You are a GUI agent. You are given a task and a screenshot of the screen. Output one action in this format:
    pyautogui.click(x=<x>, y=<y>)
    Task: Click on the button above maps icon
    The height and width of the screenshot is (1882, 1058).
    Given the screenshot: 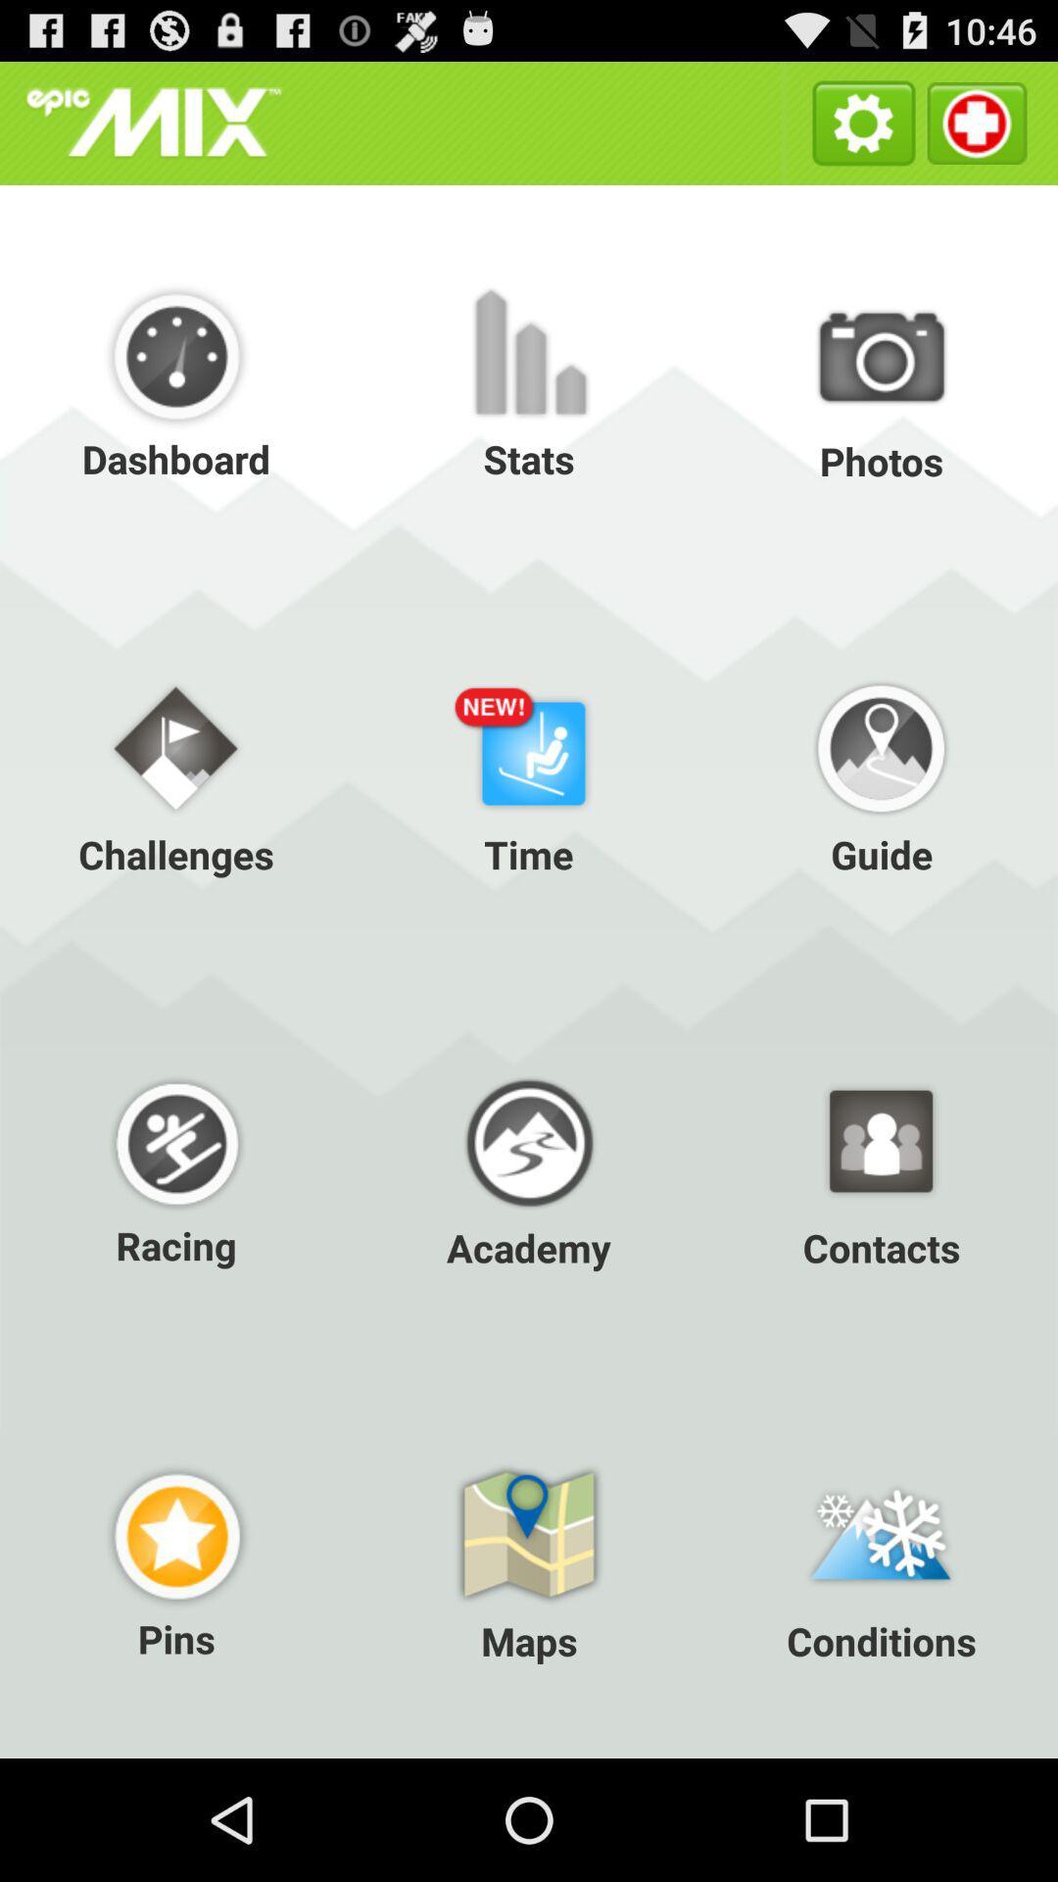 What is the action you would take?
    pyautogui.click(x=176, y=1168)
    